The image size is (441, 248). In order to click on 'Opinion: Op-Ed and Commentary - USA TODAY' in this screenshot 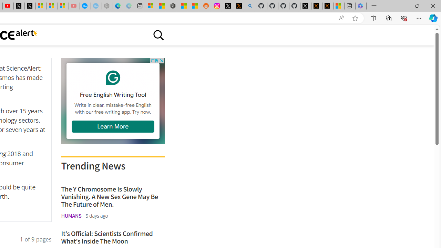, I will do `click(85, 6)`.